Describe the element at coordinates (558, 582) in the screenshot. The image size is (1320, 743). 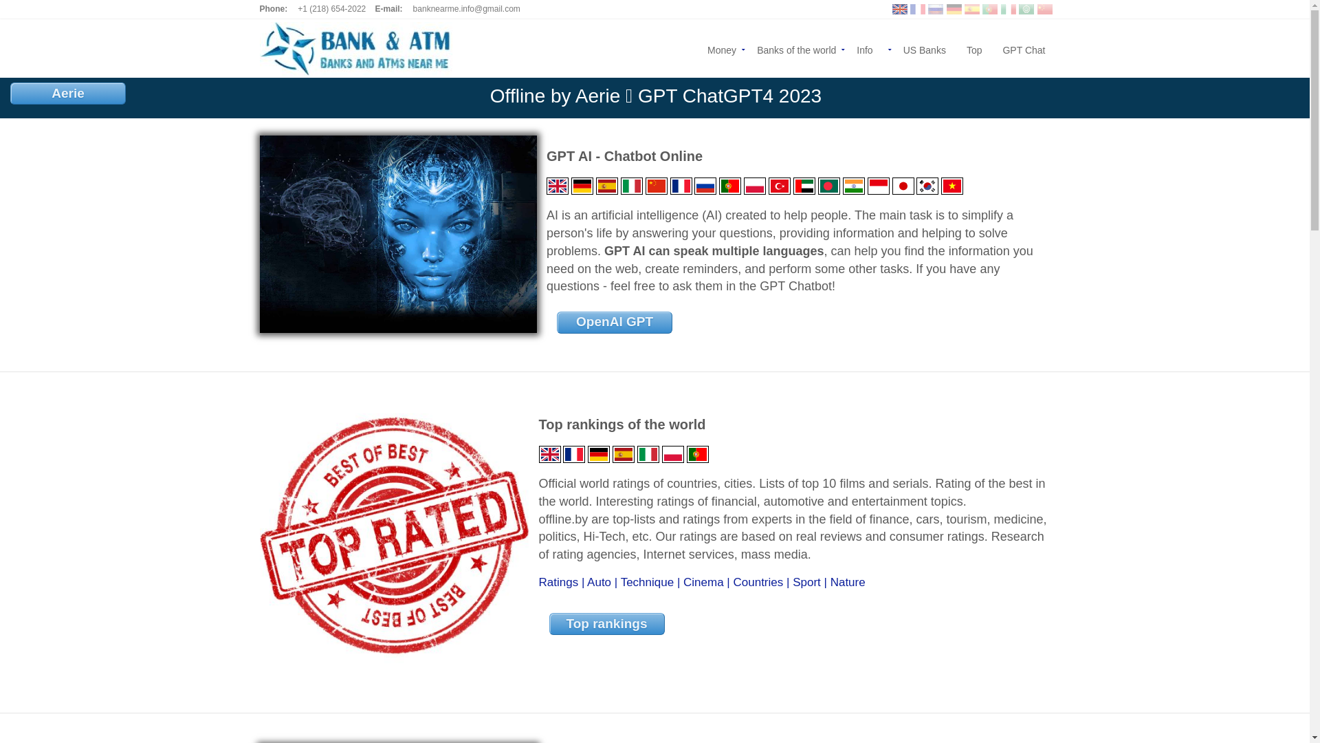
I see `'Ratings'` at that location.